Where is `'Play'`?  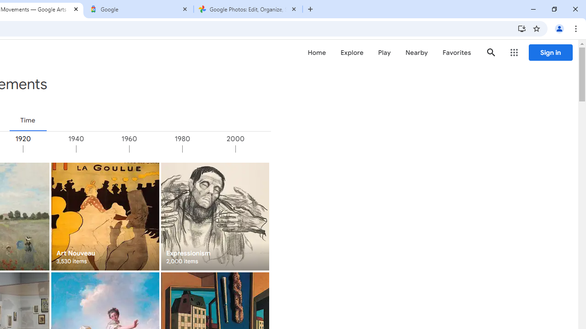
'Play' is located at coordinates (385, 53).